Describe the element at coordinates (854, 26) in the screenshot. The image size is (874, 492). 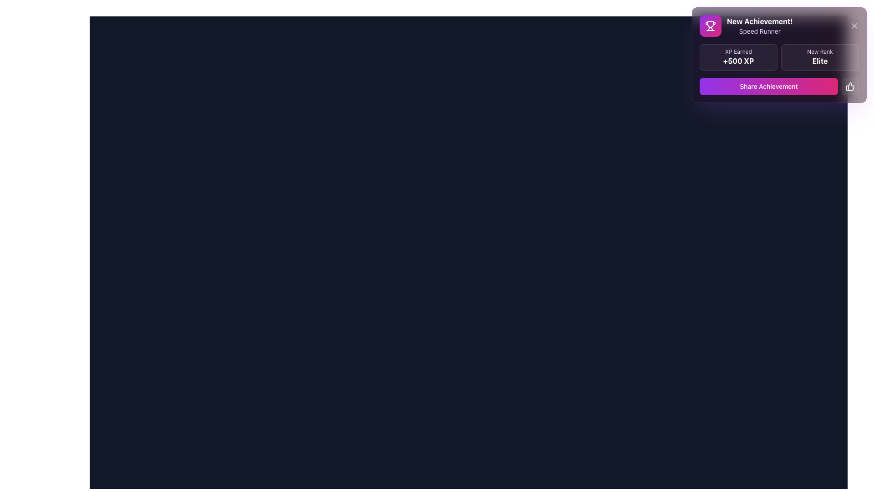
I see `the close button located at the top-right corner of the notification panel titled 'New Achievement! Speed Runner'` at that location.